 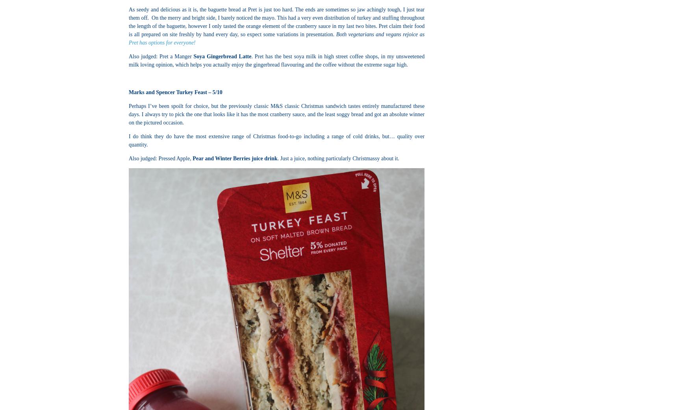 I want to click on 'Pret has options for everyone!', so click(x=161, y=43).